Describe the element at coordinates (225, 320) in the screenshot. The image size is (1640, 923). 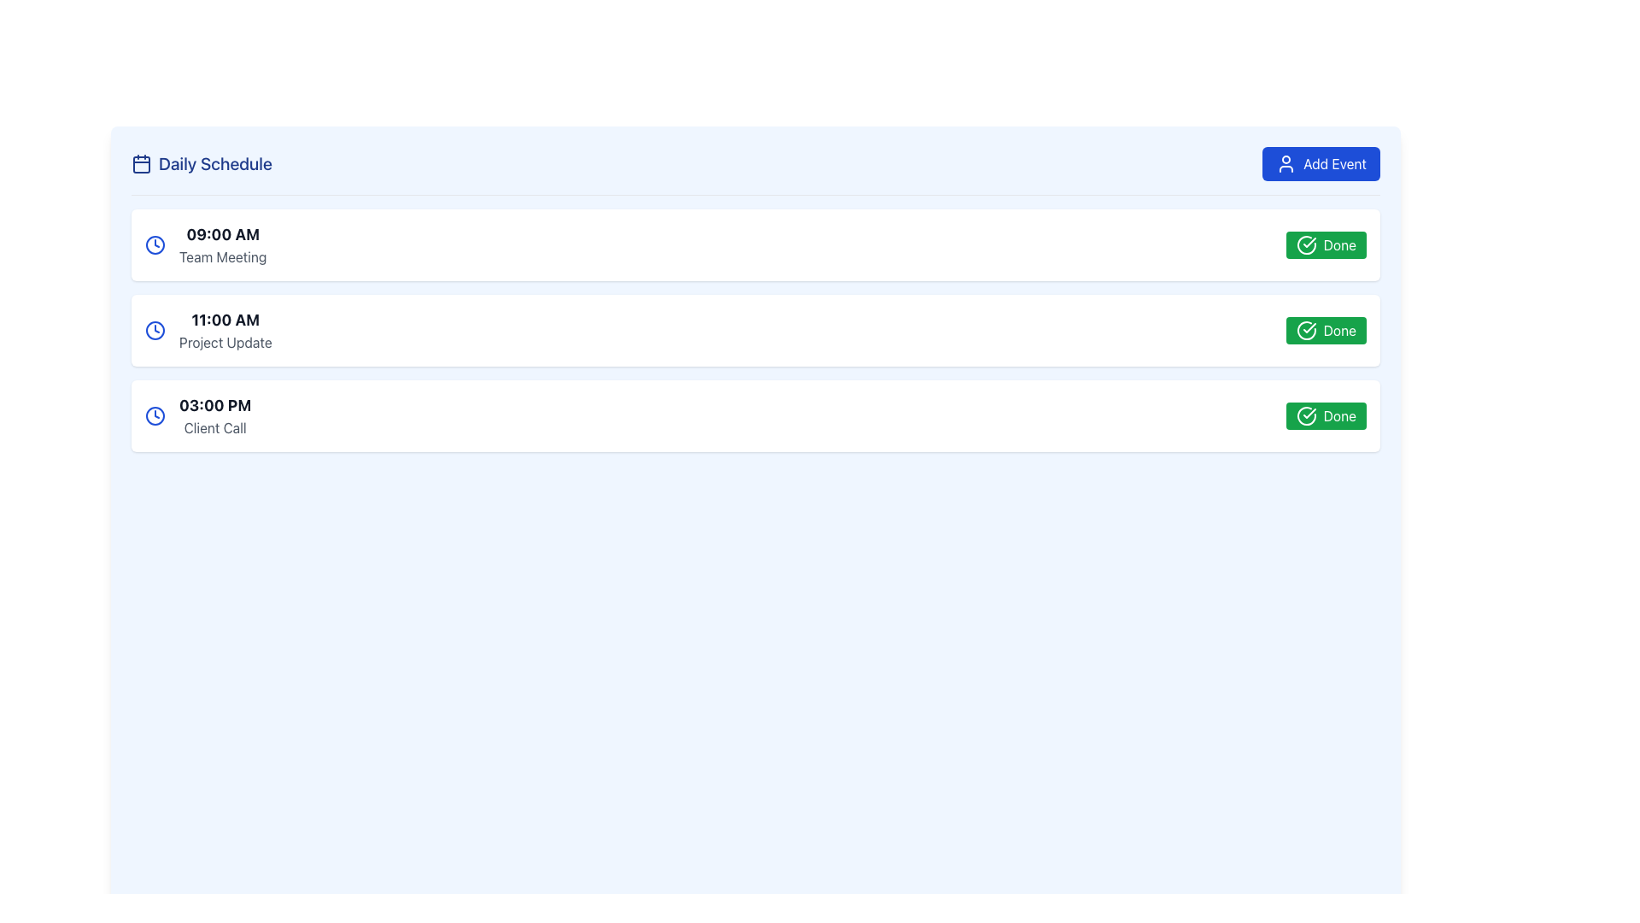
I see `static text element displaying '11:00 AM', which is emphasized in bold, black font and centrally located in the middle event card among three schedules` at that location.